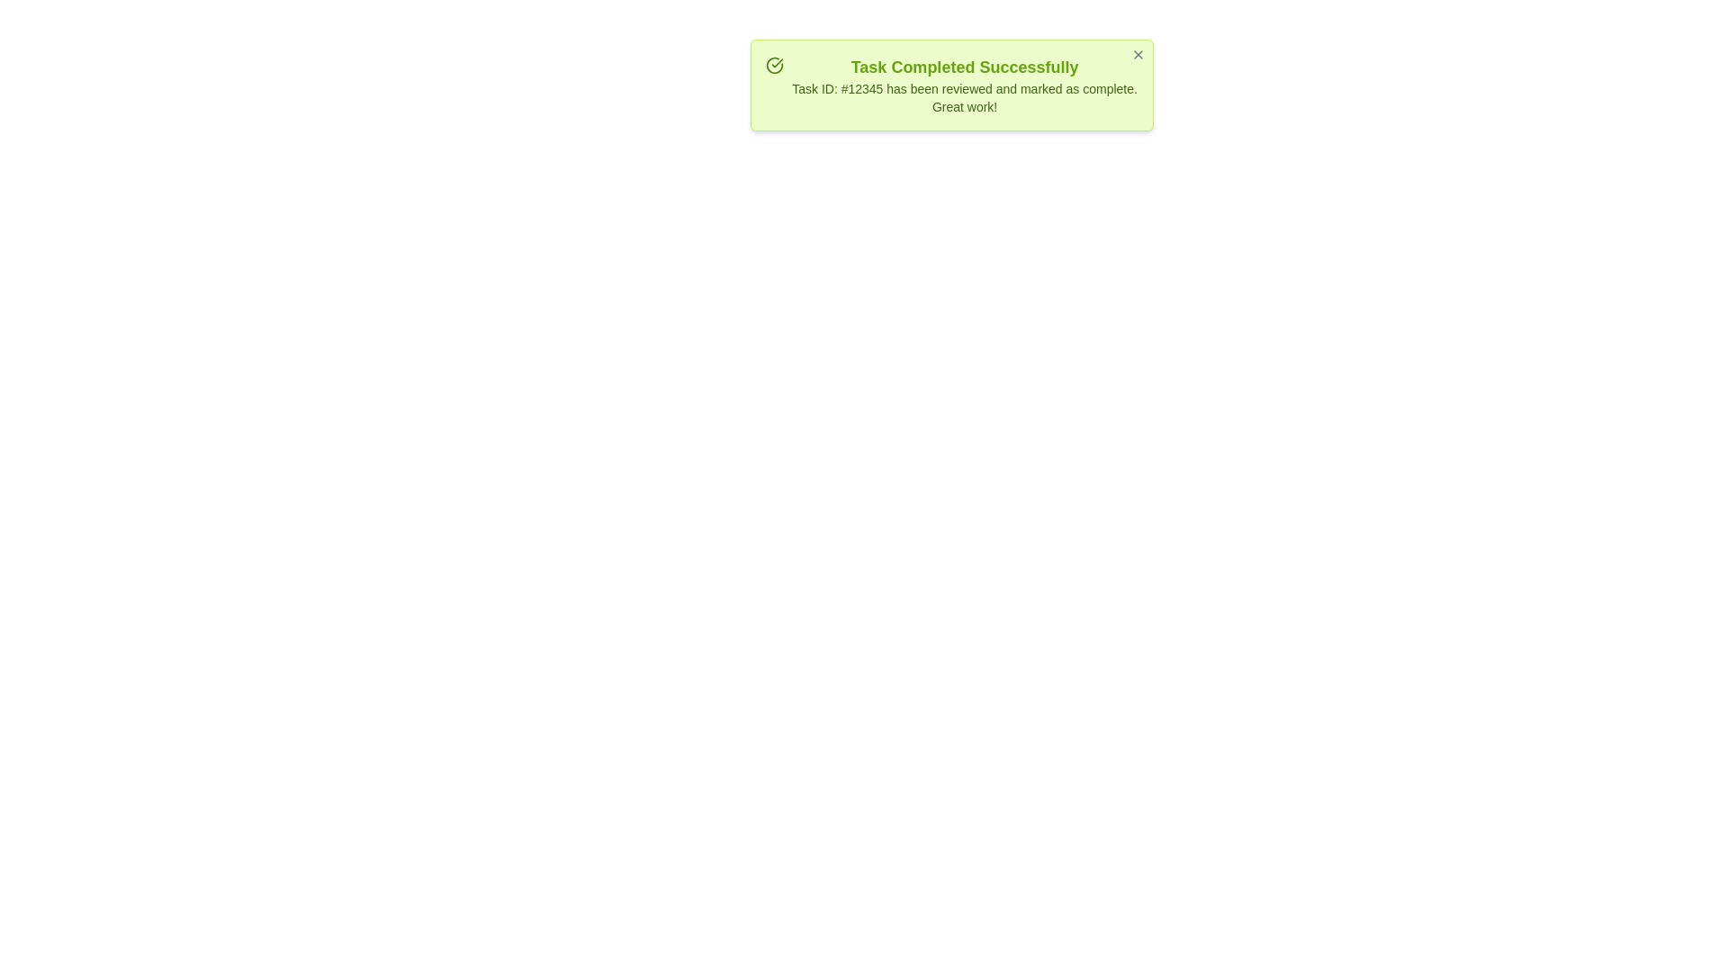 This screenshot has width=1728, height=972. What do you see at coordinates (1138, 54) in the screenshot?
I see `dismiss button to close the confirmation card` at bounding box center [1138, 54].